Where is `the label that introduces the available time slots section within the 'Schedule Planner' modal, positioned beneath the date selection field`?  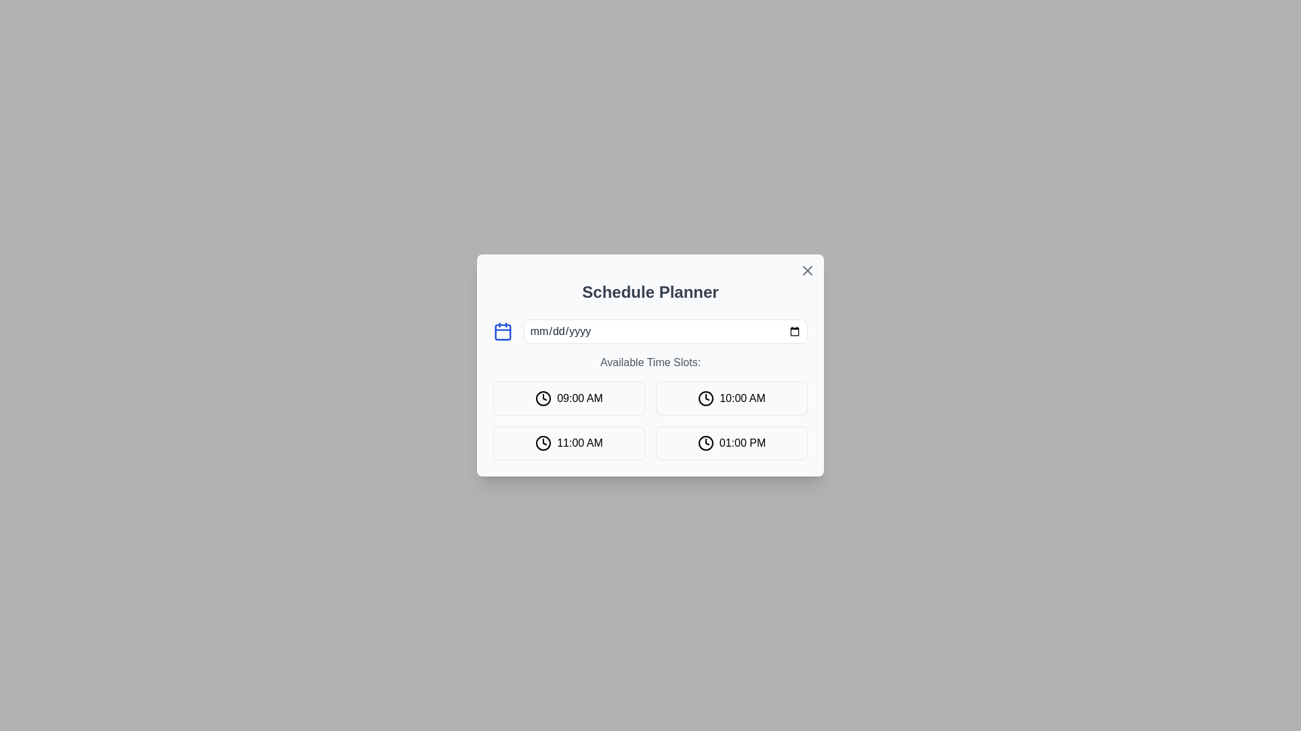 the label that introduces the available time slots section within the 'Schedule Planner' modal, positioned beneath the date selection field is located at coordinates (650, 362).